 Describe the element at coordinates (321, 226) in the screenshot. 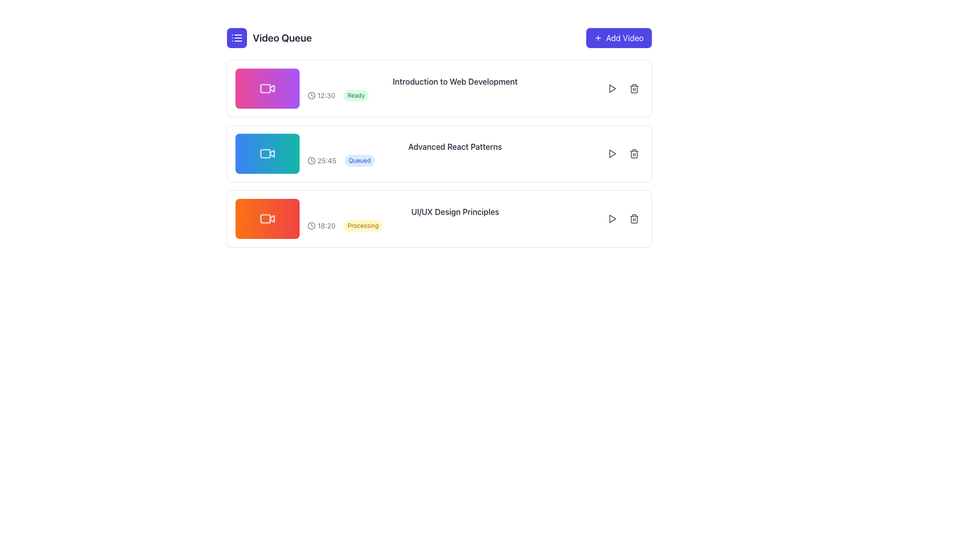

I see `displayed time information from the Time indicator located at the bottom left of the 'UI/UX Design Principles' video entry, which is positioned immediately to the left of the 'Processing' label` at that location.